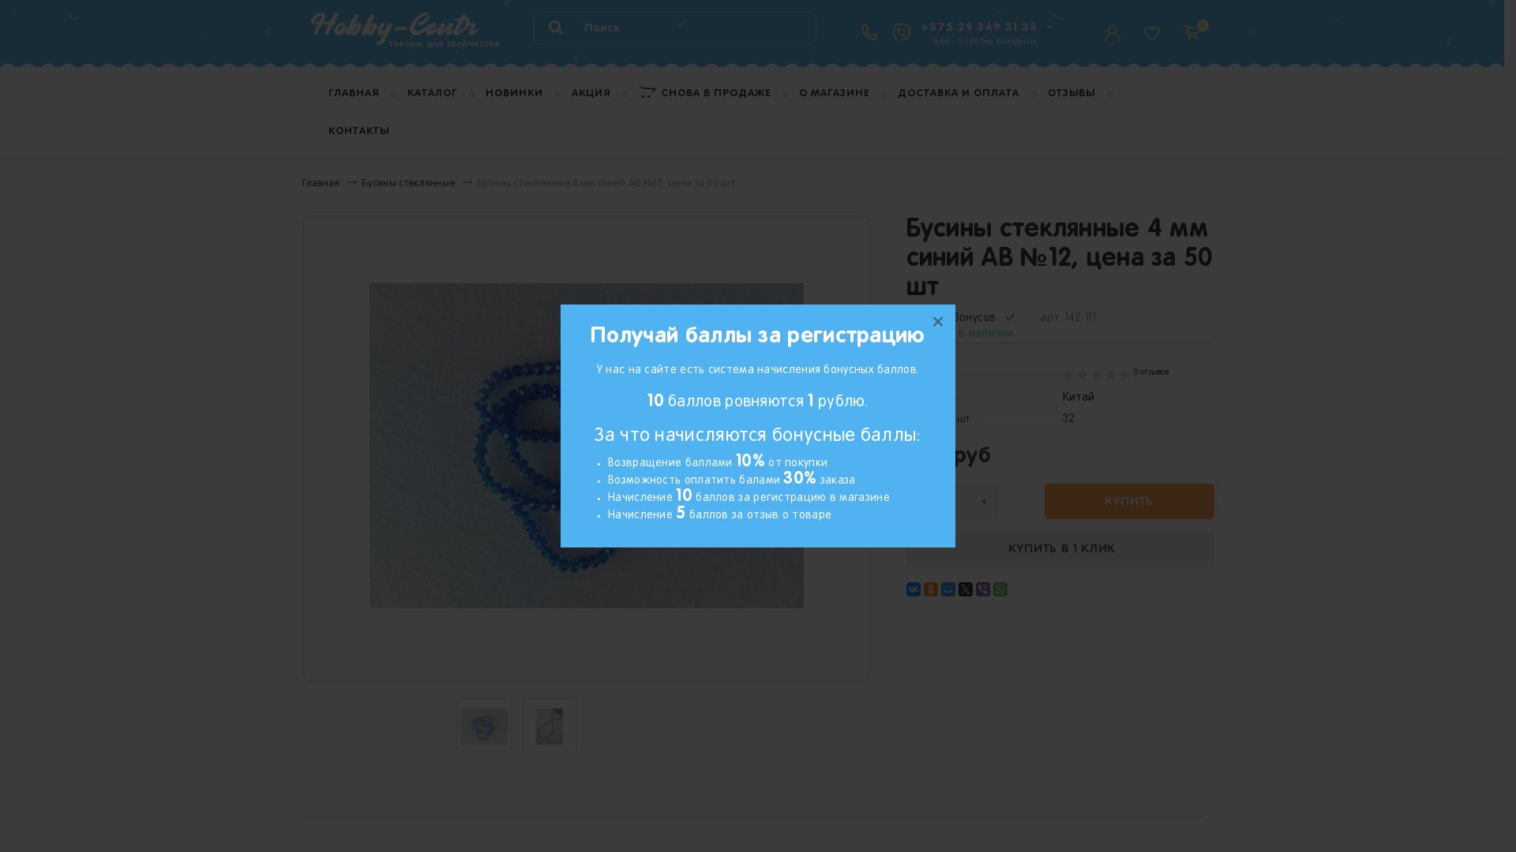  I want to click on '0', so click(1182, 24).